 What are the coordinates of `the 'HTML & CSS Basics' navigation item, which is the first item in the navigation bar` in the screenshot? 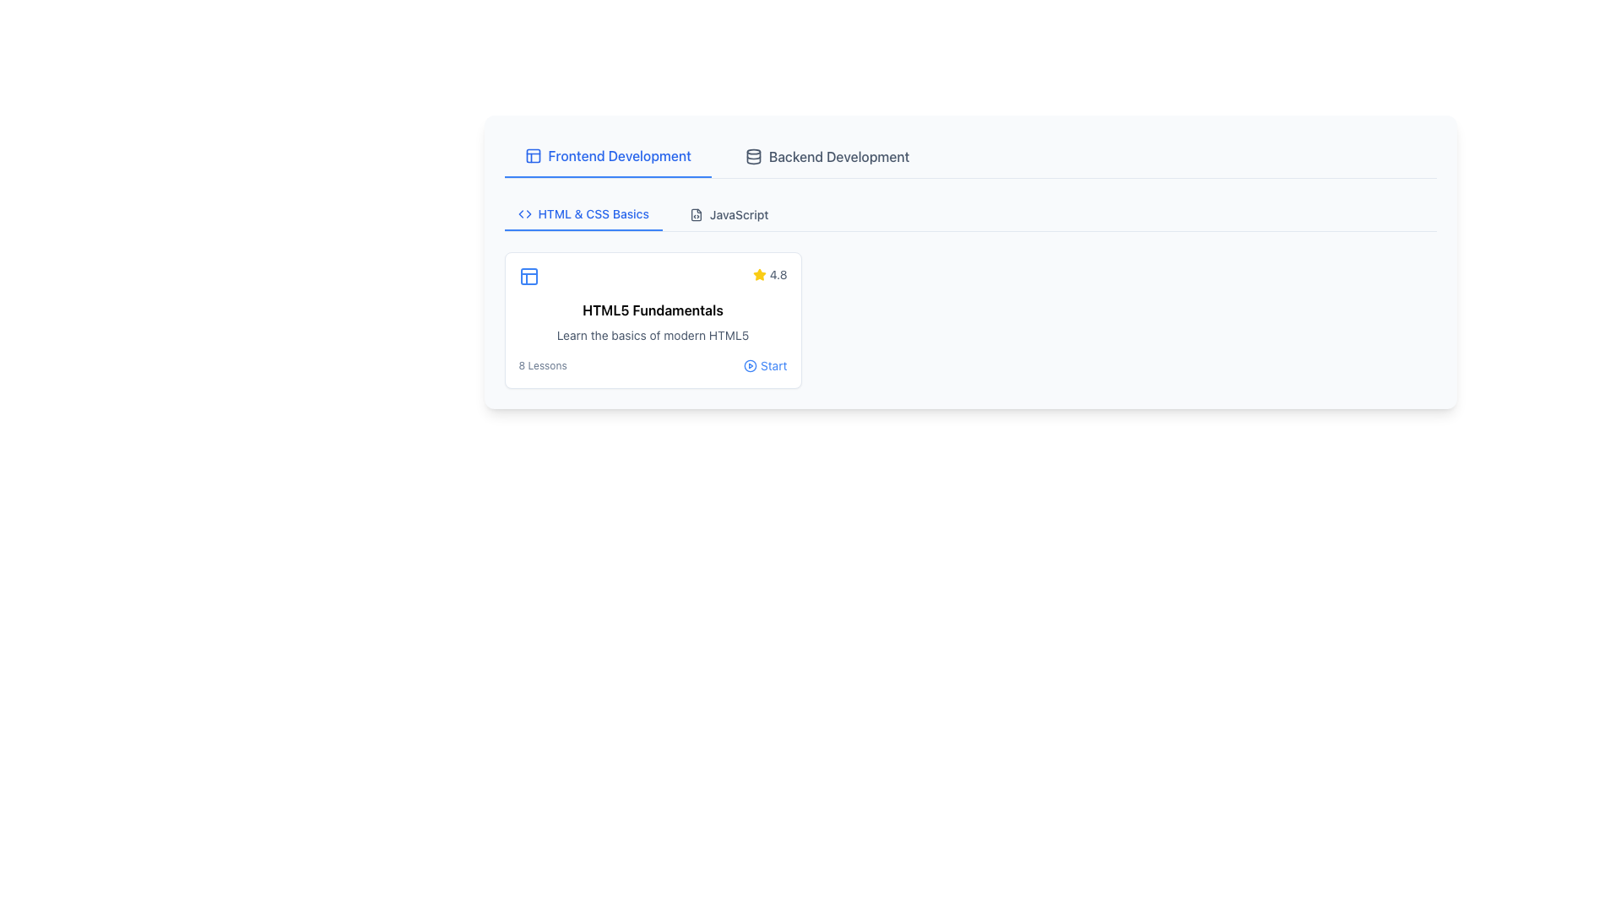 It's located at (583, 213).